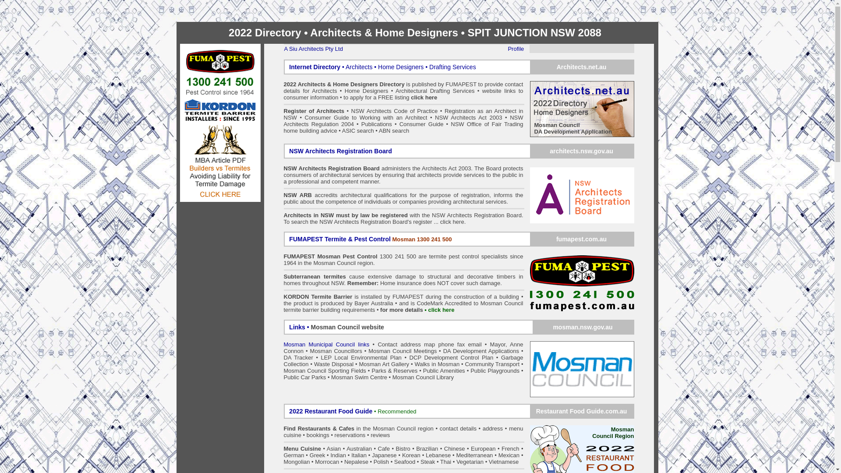 The height and width of the screenshot is (473, 841). Describe the element at coordinates (394, 371) in the screenshot. I see `'Parks & Reserves'` at that location.